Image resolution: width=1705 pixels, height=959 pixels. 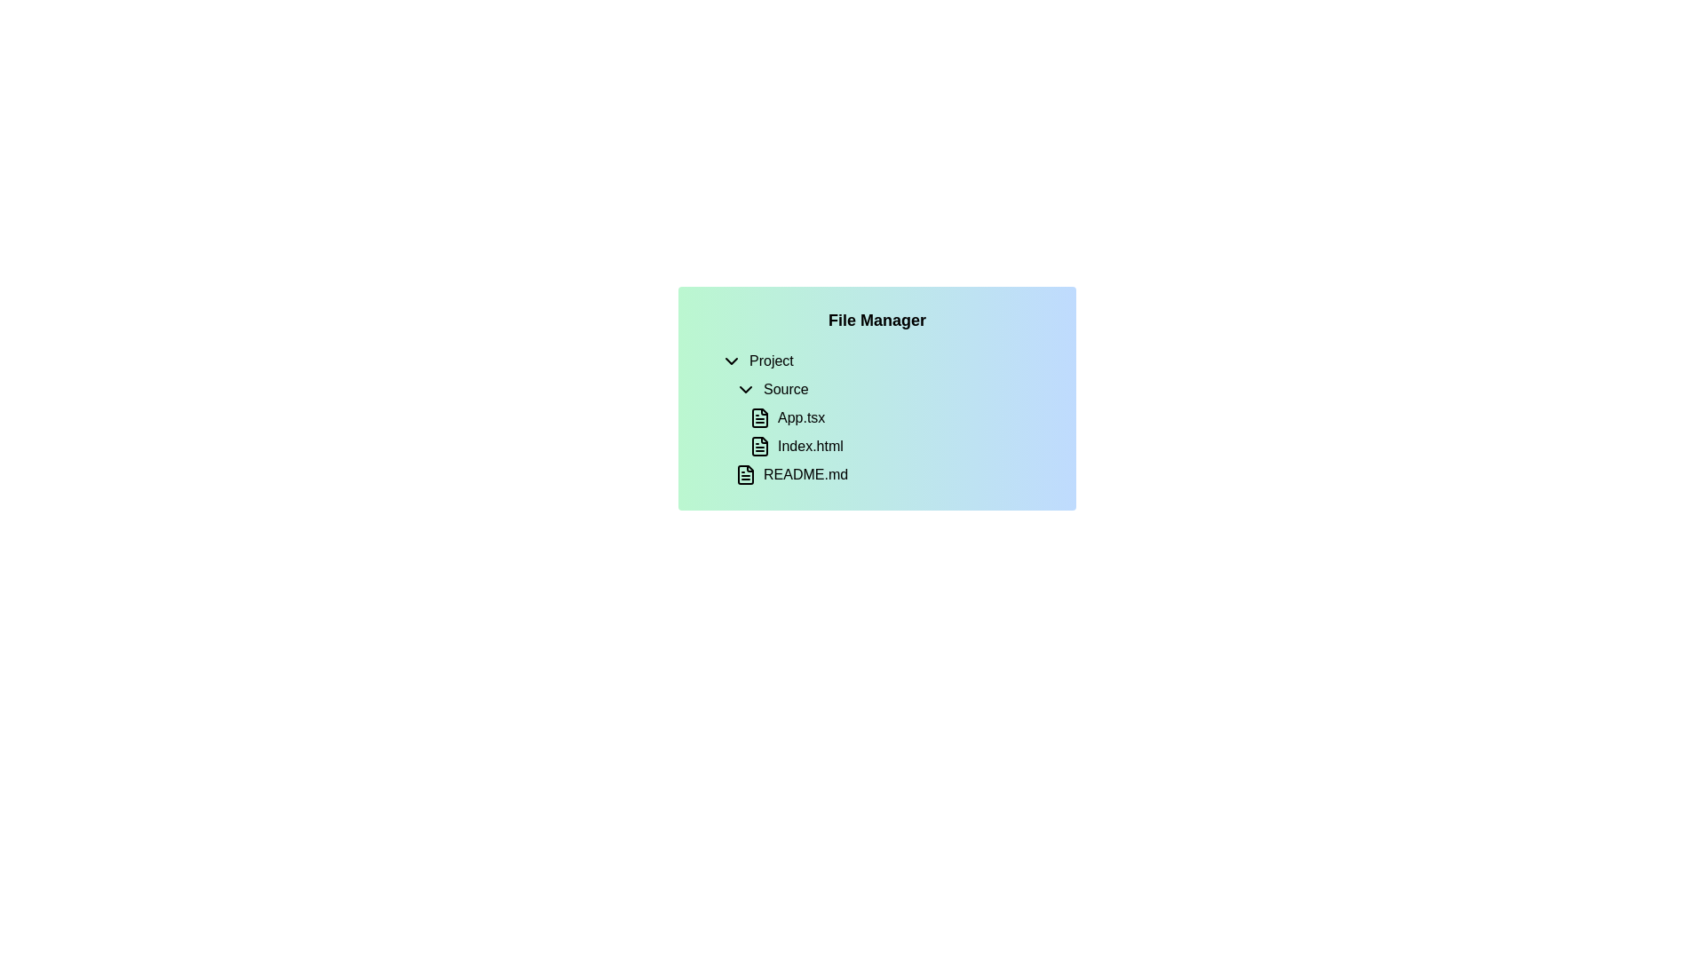 I want to click on the 'Index.html' file item, so click(x=899, y=445).